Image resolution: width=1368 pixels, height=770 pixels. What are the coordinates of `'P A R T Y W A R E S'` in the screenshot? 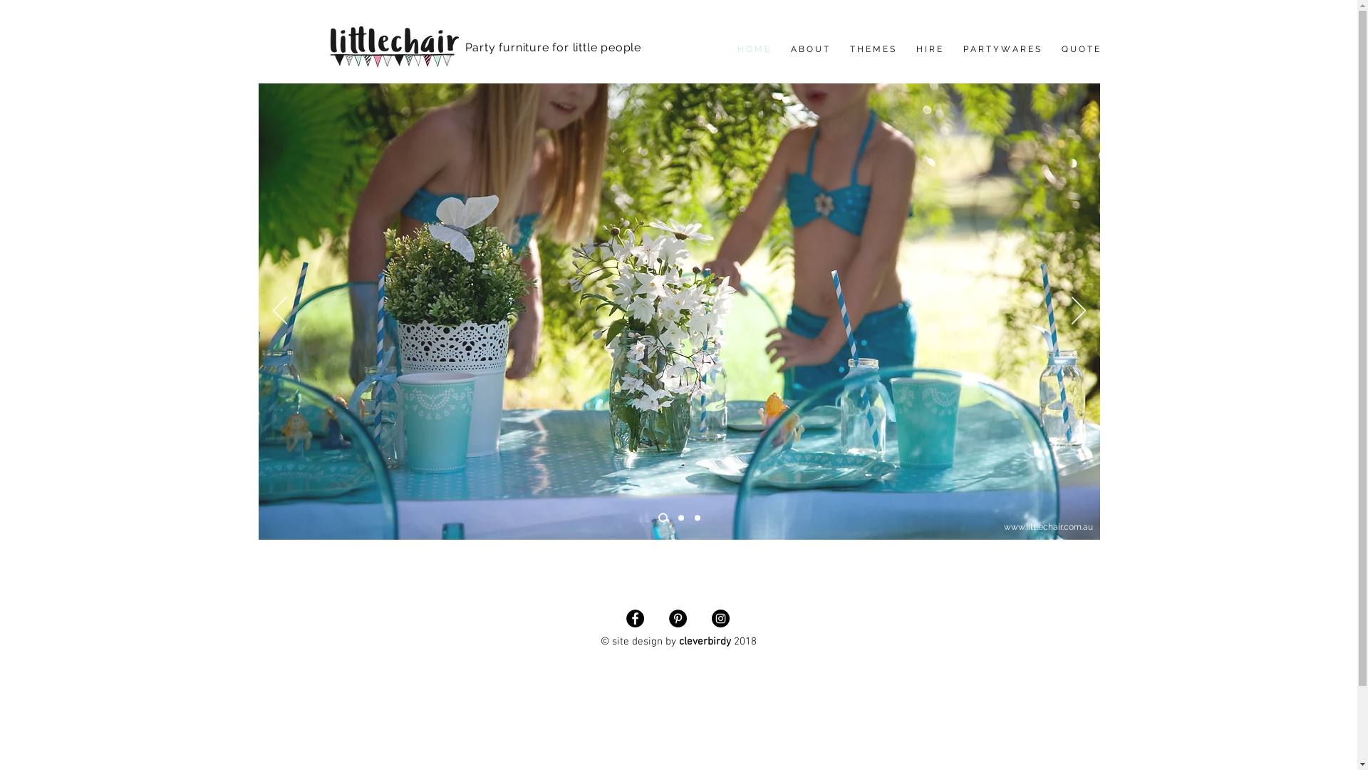 It's located at (1000, 48).